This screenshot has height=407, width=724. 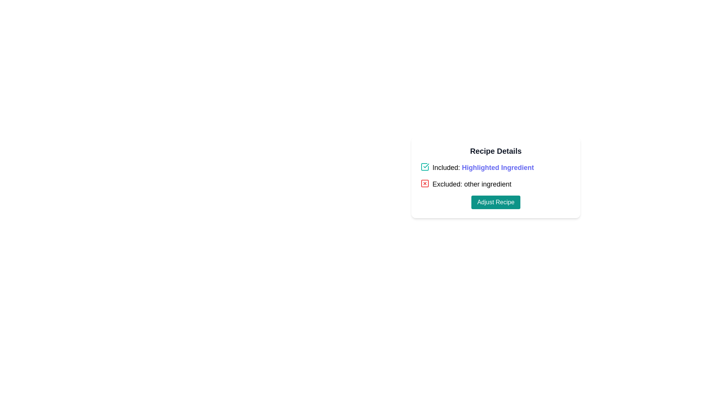 I want to click on the text label 'Highlighted Ingredient', which is styled in bold indigo color and located within the 'Included: Highlighted Ingredient' section of the 'Recipe Details' card, so click(x=498, y=167).